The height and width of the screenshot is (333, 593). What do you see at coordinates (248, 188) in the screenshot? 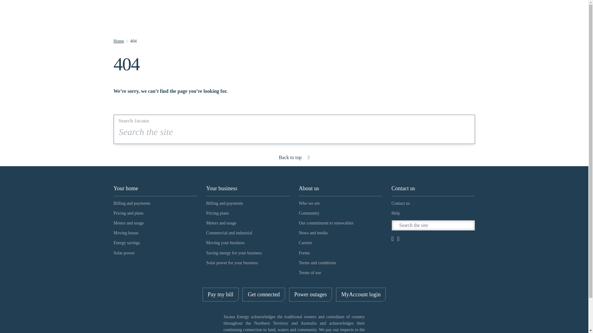
I see `'Your business'` at bounding box center [248, 188].